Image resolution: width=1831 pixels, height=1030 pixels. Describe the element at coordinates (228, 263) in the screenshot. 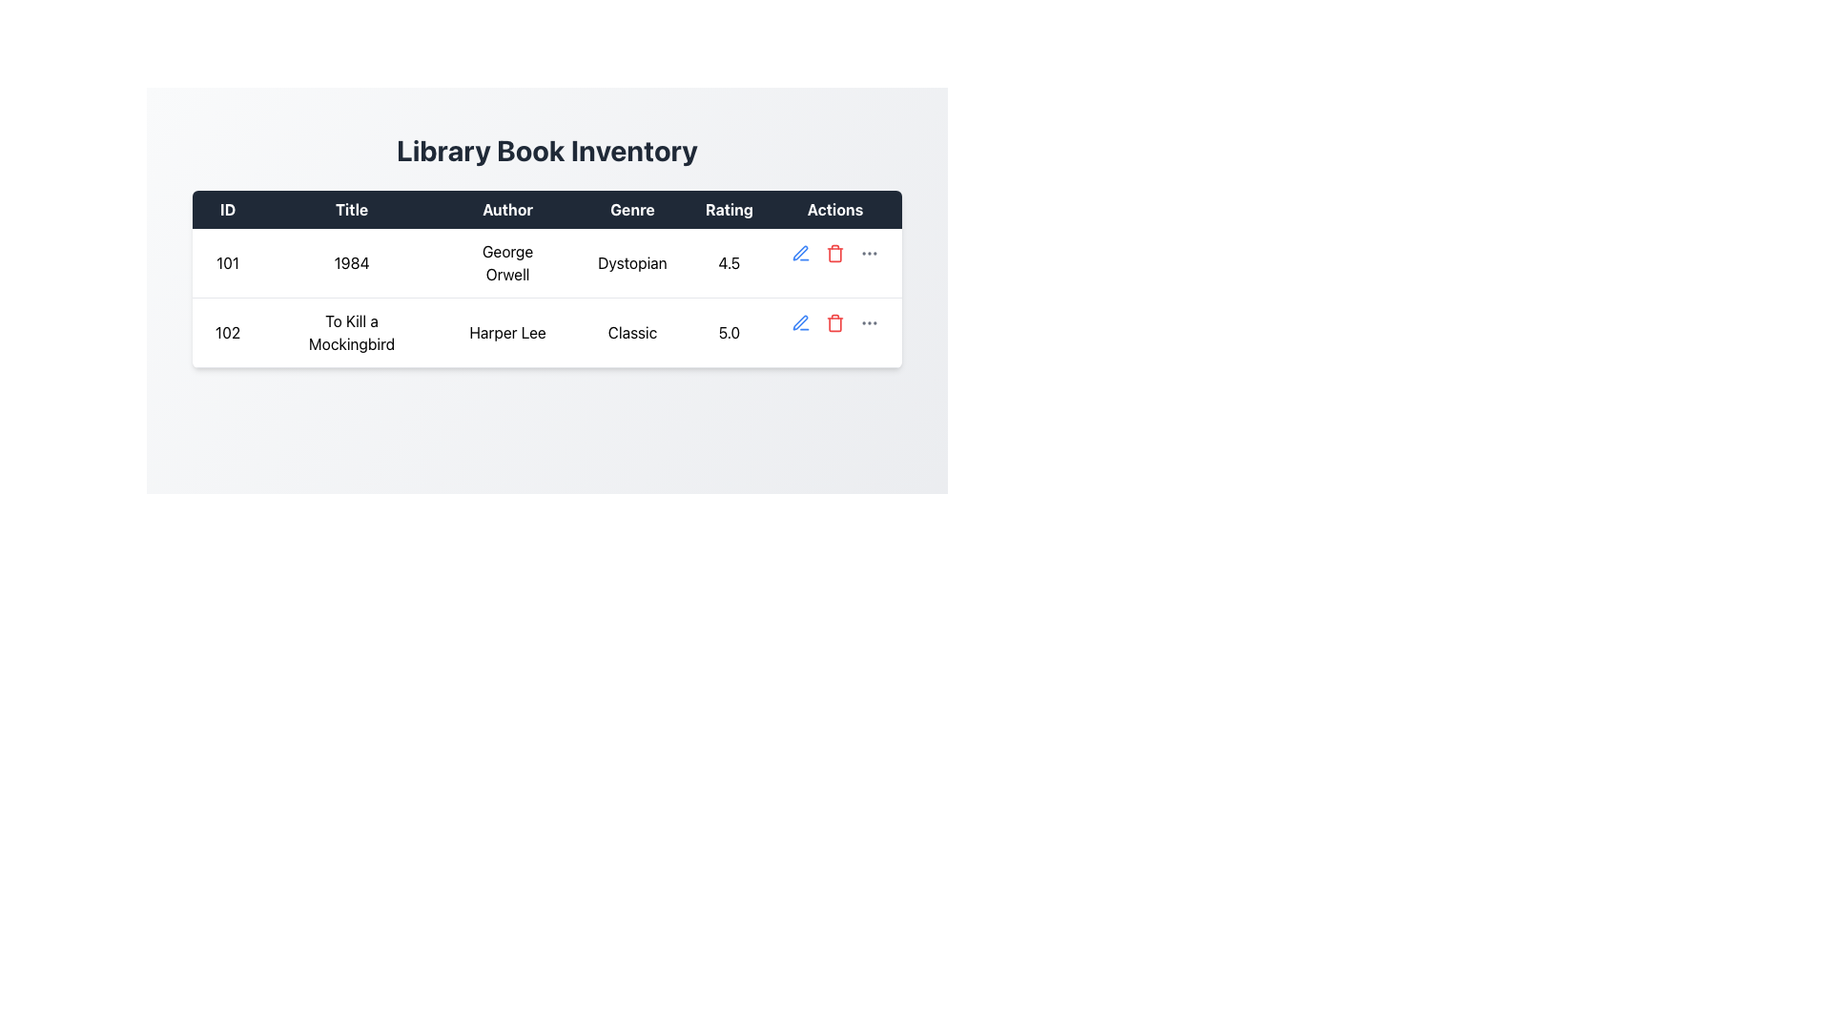

I see `the Table Cell displaying the numeric identifier '101' in bold typography located in the first column of the first row under the 'ID' header` at that location.